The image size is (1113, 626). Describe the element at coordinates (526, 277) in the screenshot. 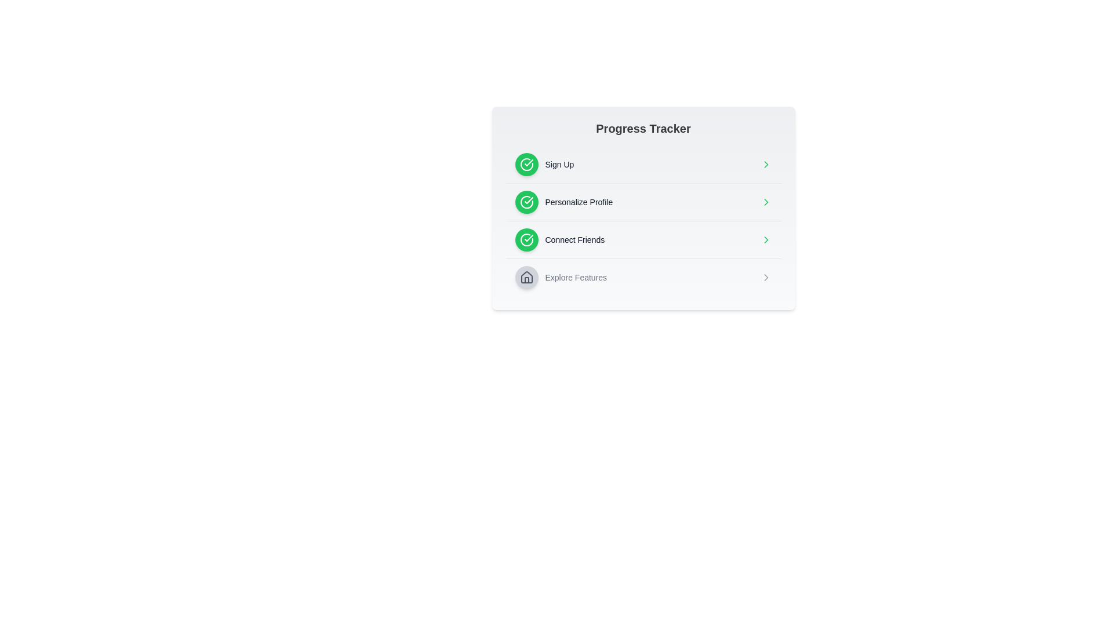

I see `the small house icon outlined in a circular button located on the left side of the 'Explore Features' row in the task items list` at that location.